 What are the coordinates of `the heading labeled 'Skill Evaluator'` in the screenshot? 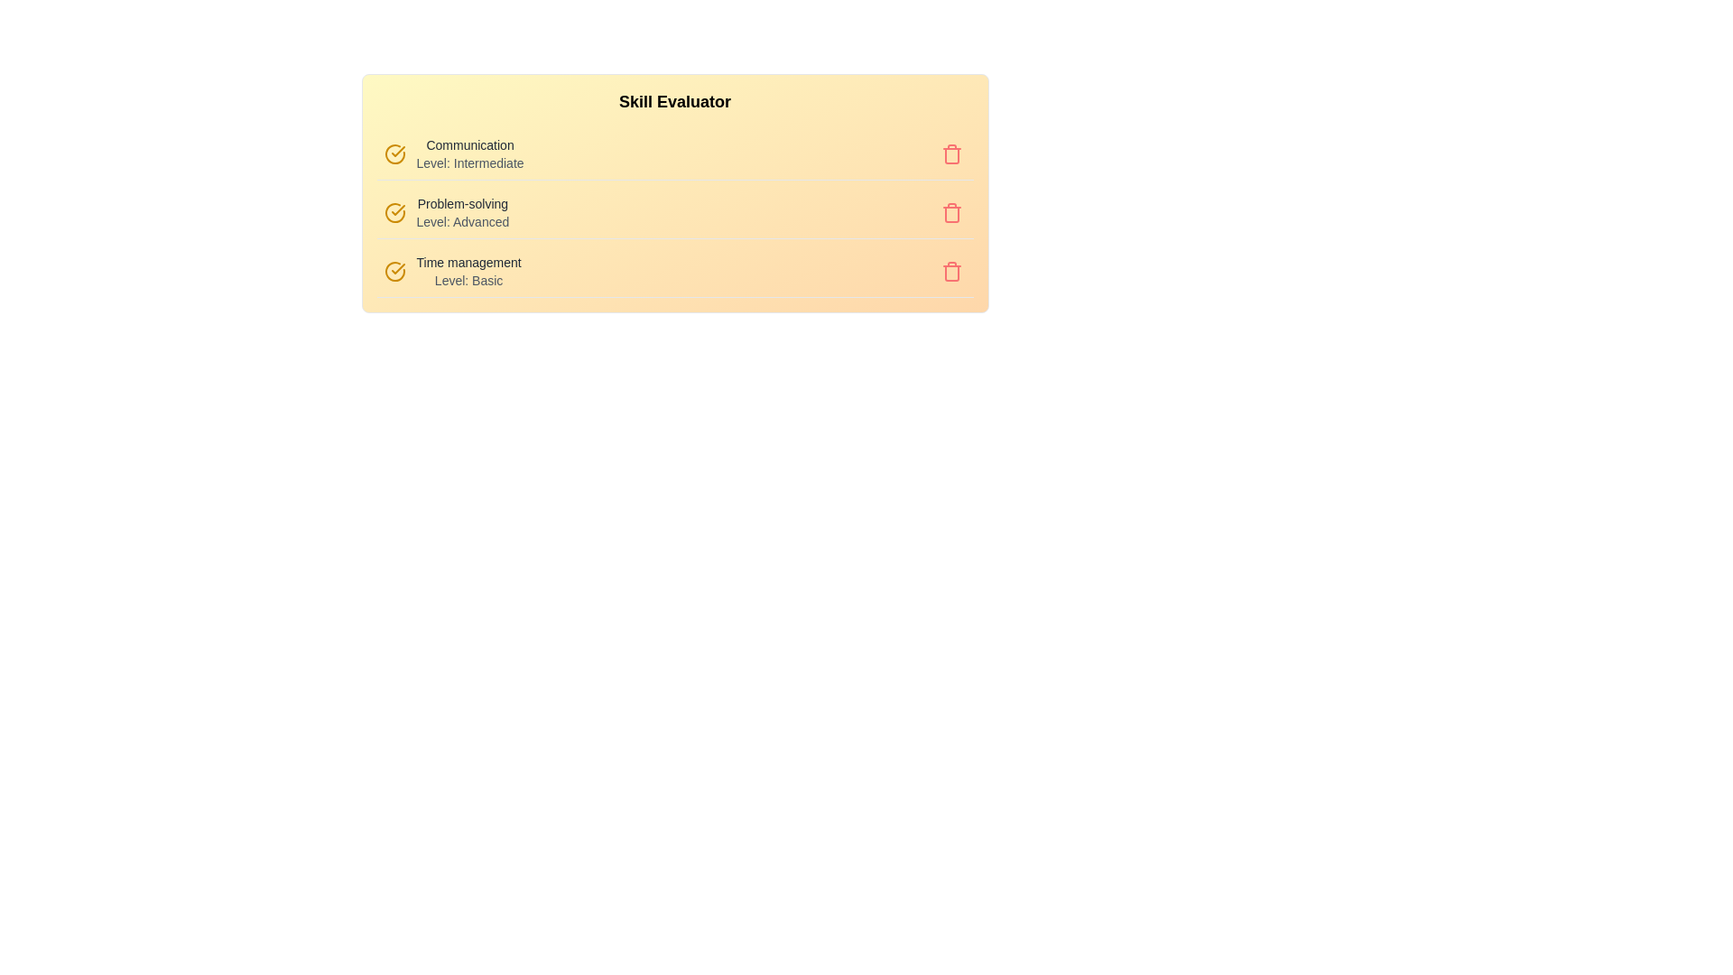 It's located at (674, 101).